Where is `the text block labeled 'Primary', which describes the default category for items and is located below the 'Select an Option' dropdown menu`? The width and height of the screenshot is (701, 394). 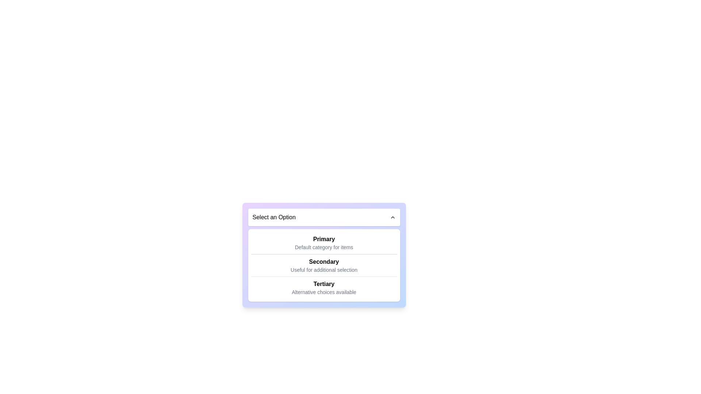
the text block labeled 'Primary', which describes the default category for items and is located below the 'Select an Option' dropdown menu is located at coordinates (323, 243).